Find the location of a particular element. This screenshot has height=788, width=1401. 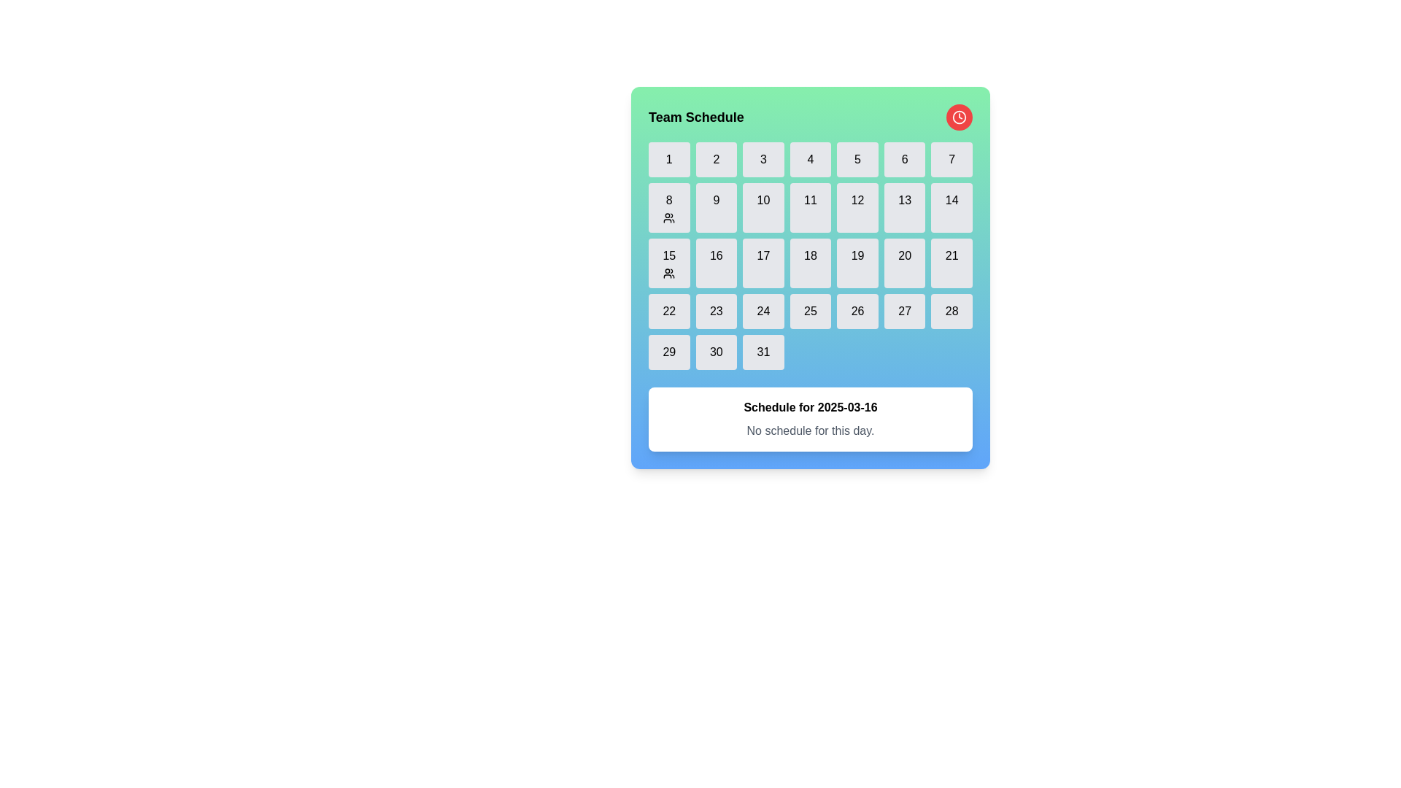

to select the 14th date cell in the calendar grid, which is the last cell in the second row and visually indicates the date is located at coordinates (952, 200).